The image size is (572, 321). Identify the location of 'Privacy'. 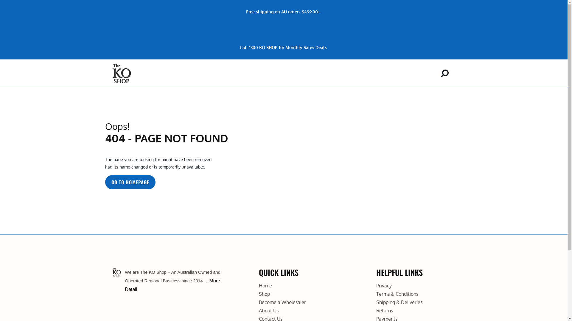
(384, 285).